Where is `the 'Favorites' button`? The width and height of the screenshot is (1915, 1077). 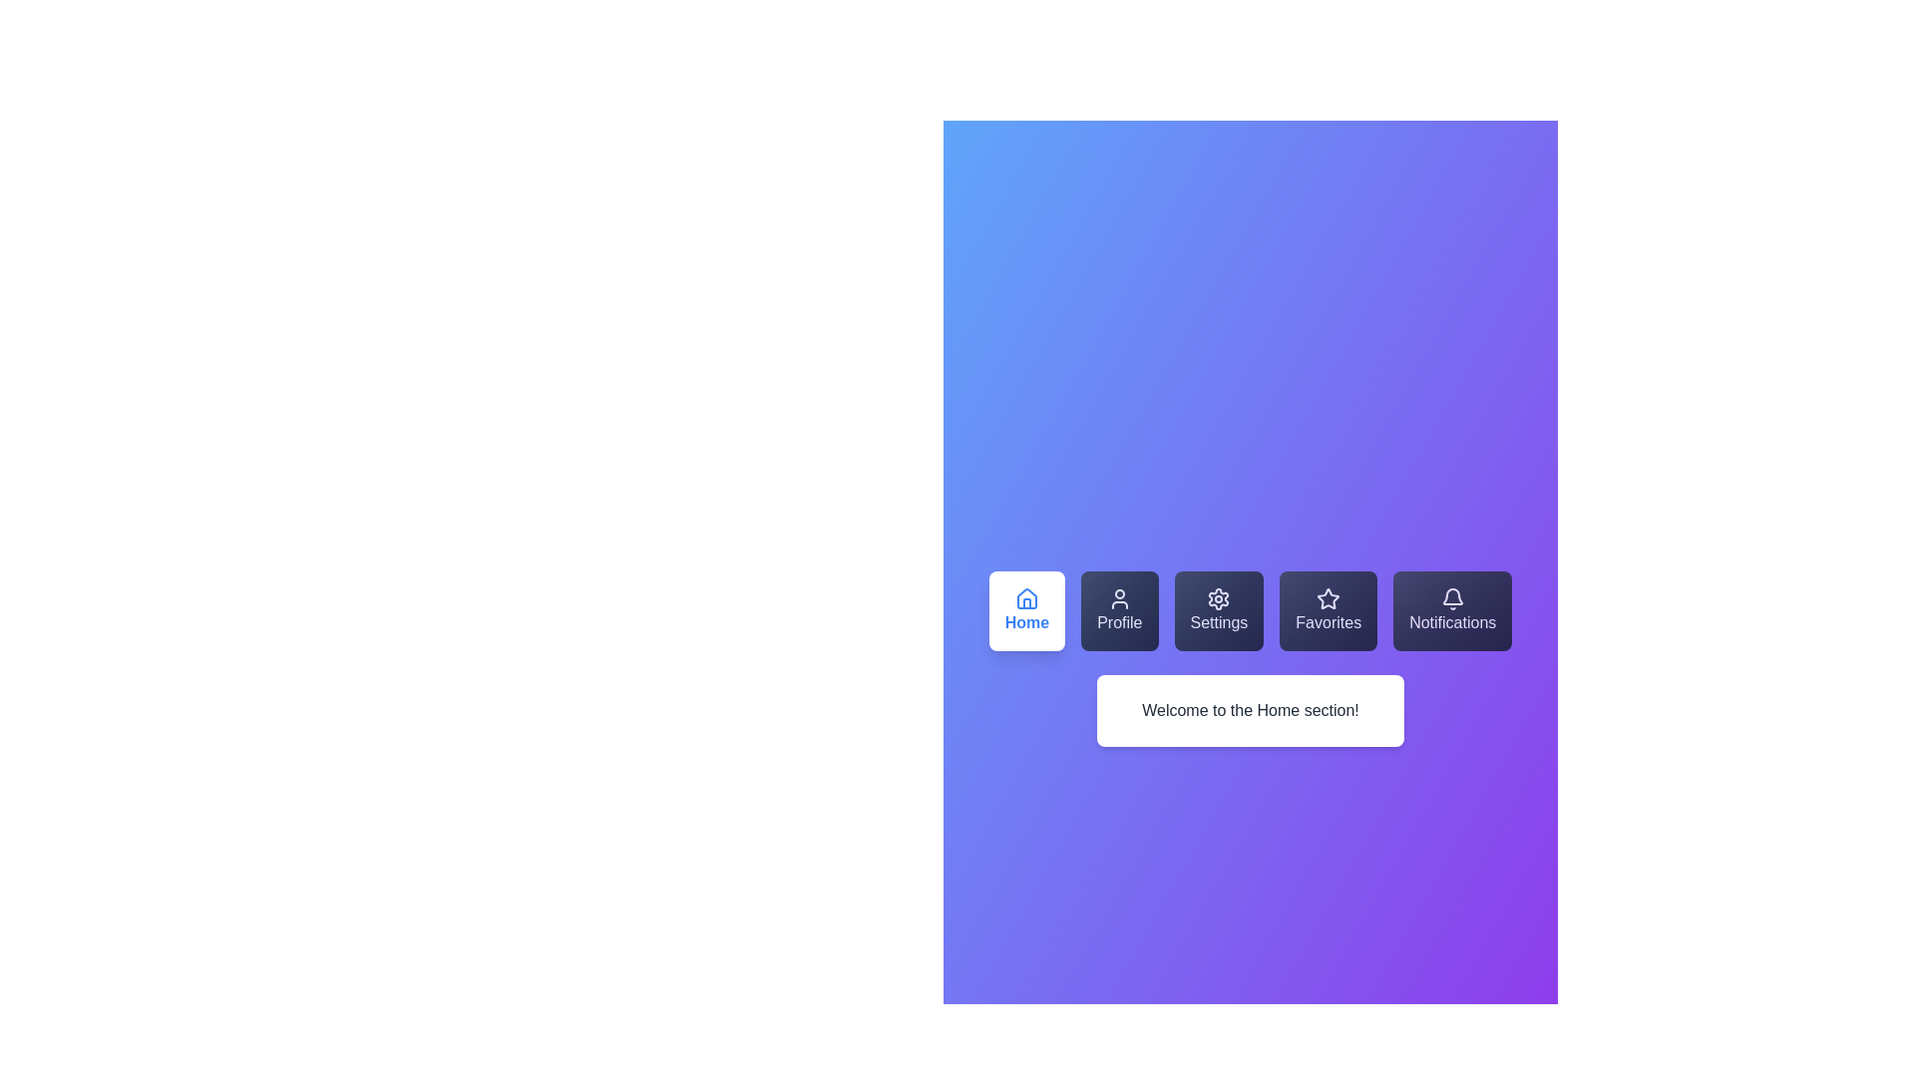 the 'Favorites' button is located at coordinates (1329, 610).